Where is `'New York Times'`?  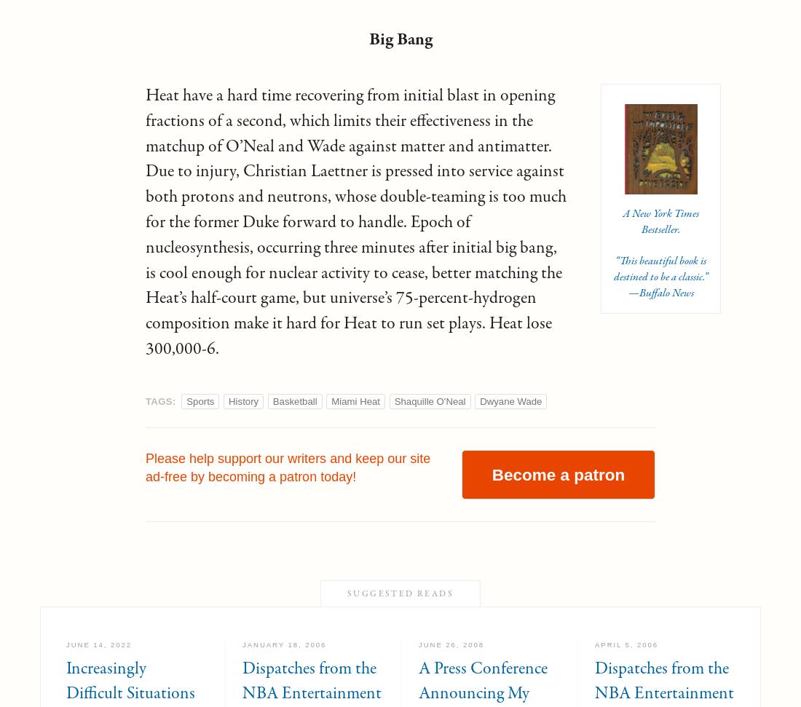 'New York Times' is located at coordinates (665, 213).